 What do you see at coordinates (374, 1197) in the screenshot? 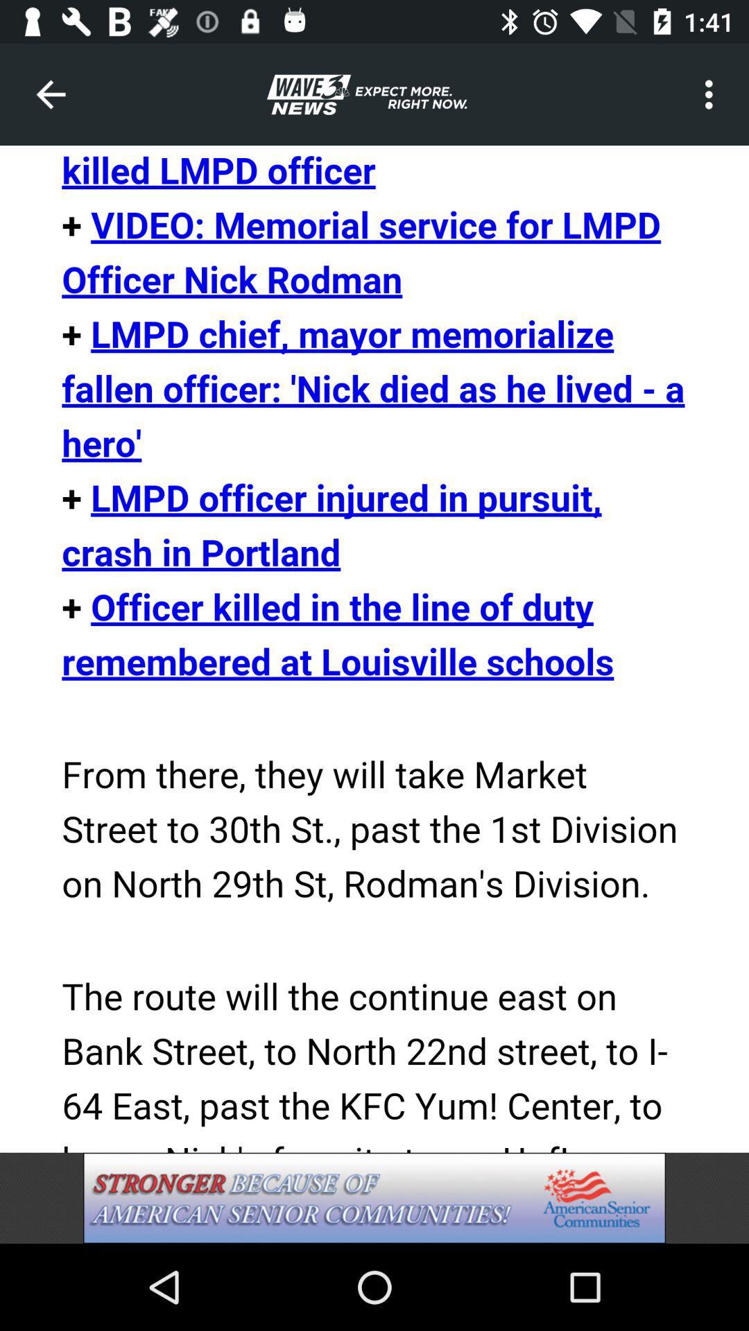
I see `advertisement page` at bounding box center [374, 1197].